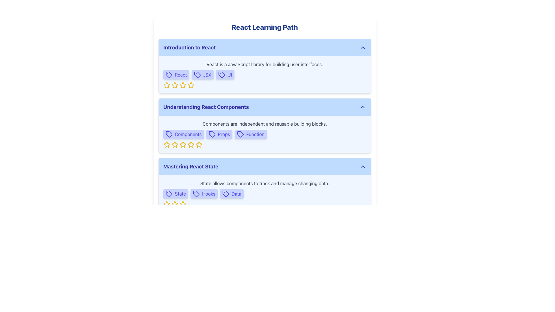 This screenshot has height=312, width=555. What do you see at coordinates (183, 204) in the screenshot?
I see `the fifth star icon in the rating bar located at the bottom of the 'Mastering React State' section` at bounding box center [183, 204].